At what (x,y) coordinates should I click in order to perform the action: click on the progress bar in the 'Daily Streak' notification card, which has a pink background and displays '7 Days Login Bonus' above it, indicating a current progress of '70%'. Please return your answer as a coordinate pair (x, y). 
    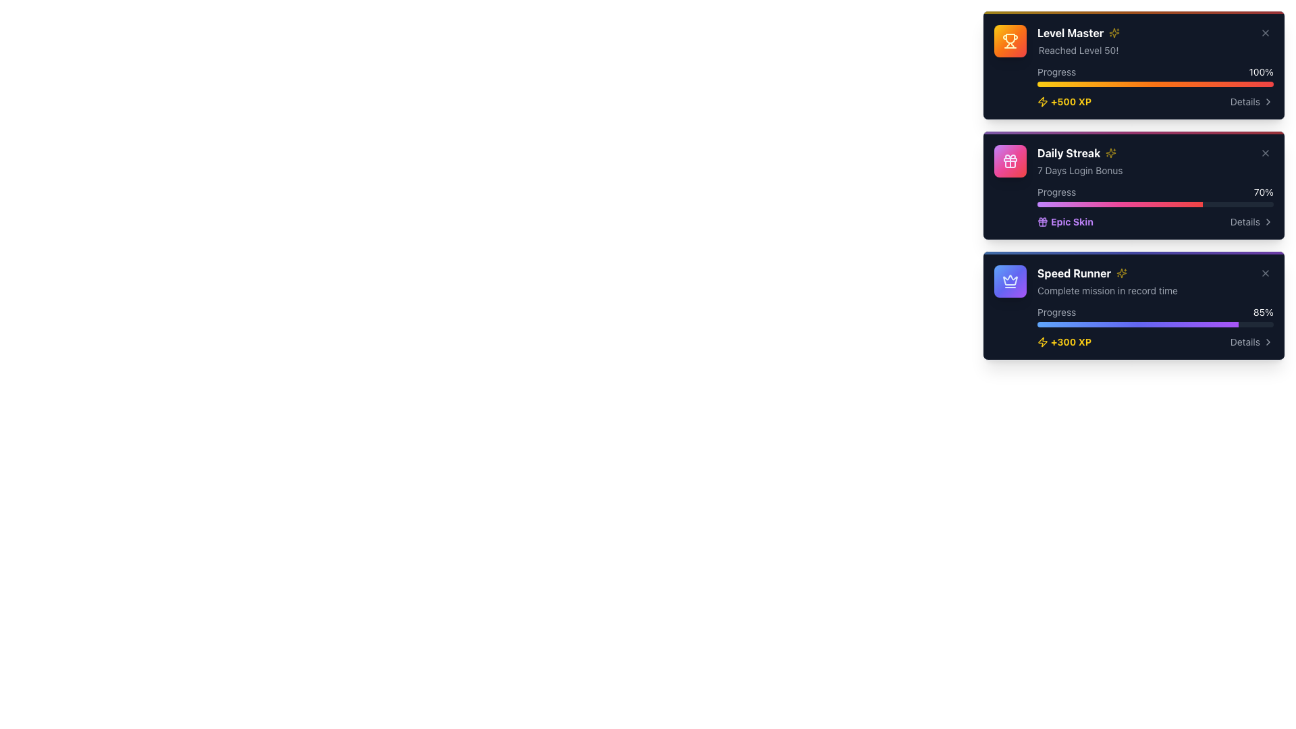
    Looking at the image, I should click on (1155, 196).